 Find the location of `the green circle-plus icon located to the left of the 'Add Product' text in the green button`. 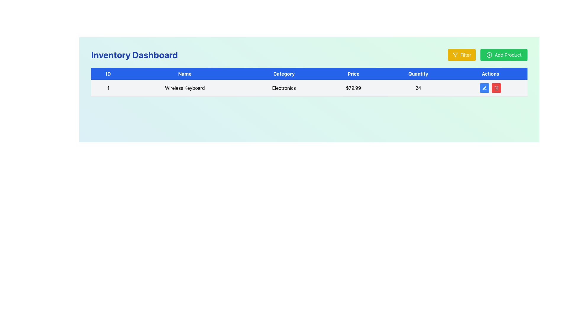

the green circle-plus icon located to the left of the 'Add Product' text in the green button is located at coordinates (489, 55).